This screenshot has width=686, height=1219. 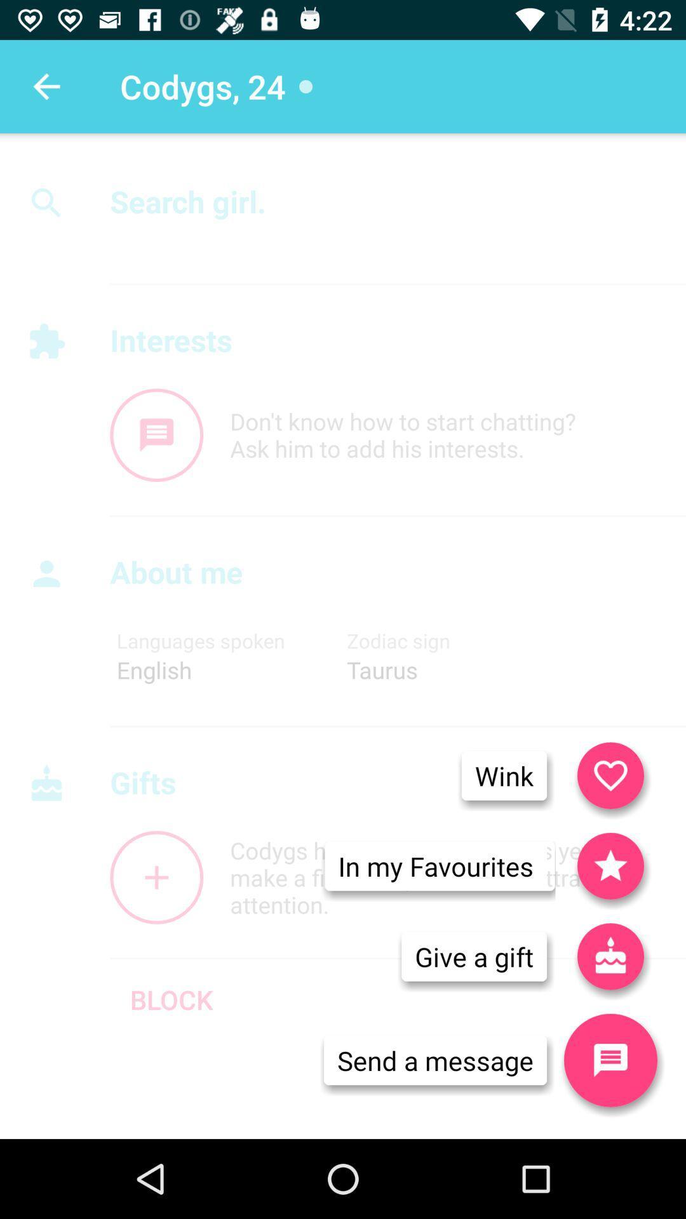 I want to click on the add icon, so click(x=156, y=877).